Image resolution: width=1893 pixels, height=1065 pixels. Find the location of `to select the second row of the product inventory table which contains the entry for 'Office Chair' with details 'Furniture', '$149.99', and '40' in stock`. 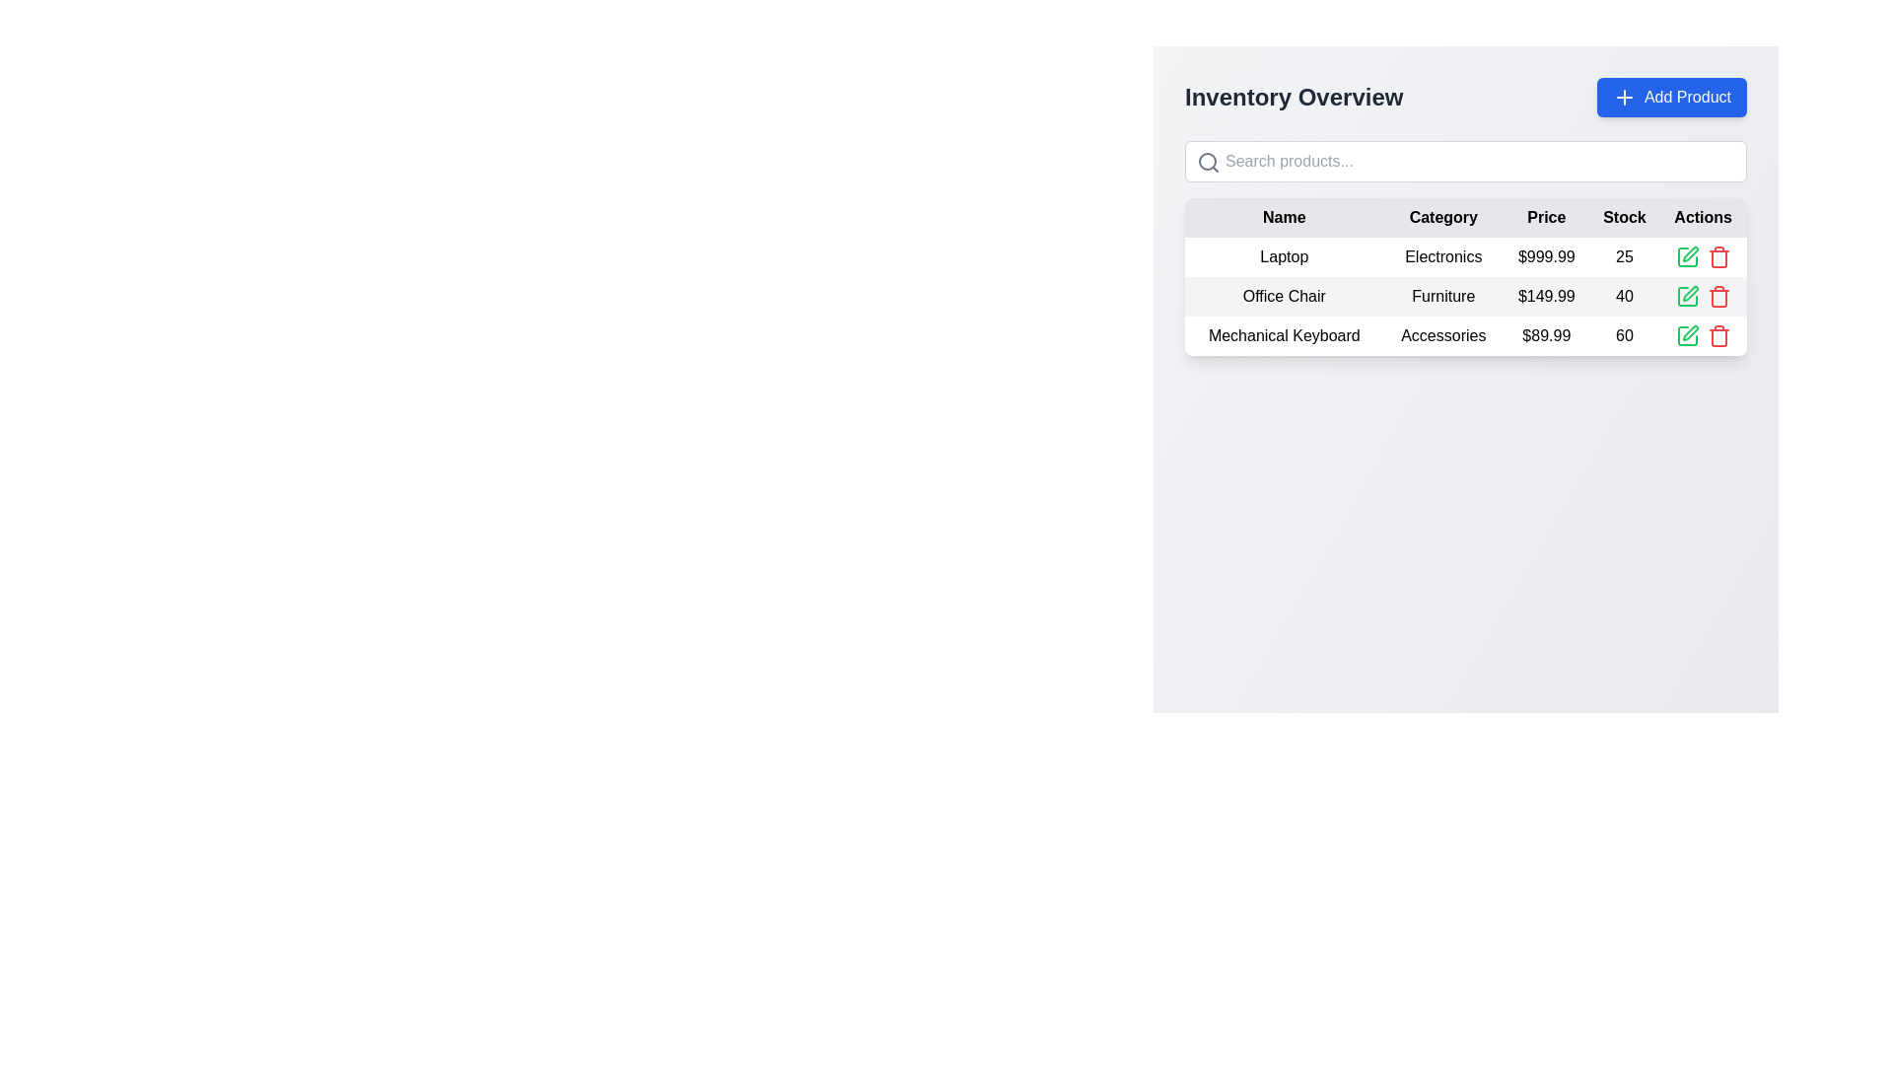

to select the second row of the product inventory table which contains the entry for 'Office Chair' with details 'Furniture', '$149.99', and '40' in stock is located at coordinates (1466, 296).